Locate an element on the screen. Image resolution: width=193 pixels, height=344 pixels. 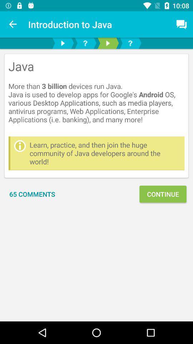
next page is located at coordinates (107, 43).